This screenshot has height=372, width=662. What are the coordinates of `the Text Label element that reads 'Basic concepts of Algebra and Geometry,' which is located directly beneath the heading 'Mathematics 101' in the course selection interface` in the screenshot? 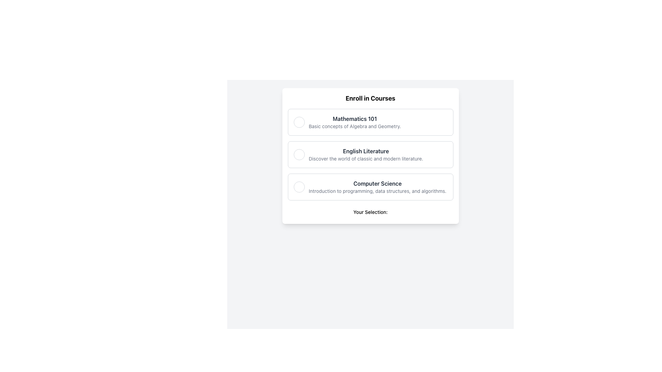 It's located at (355, 126).